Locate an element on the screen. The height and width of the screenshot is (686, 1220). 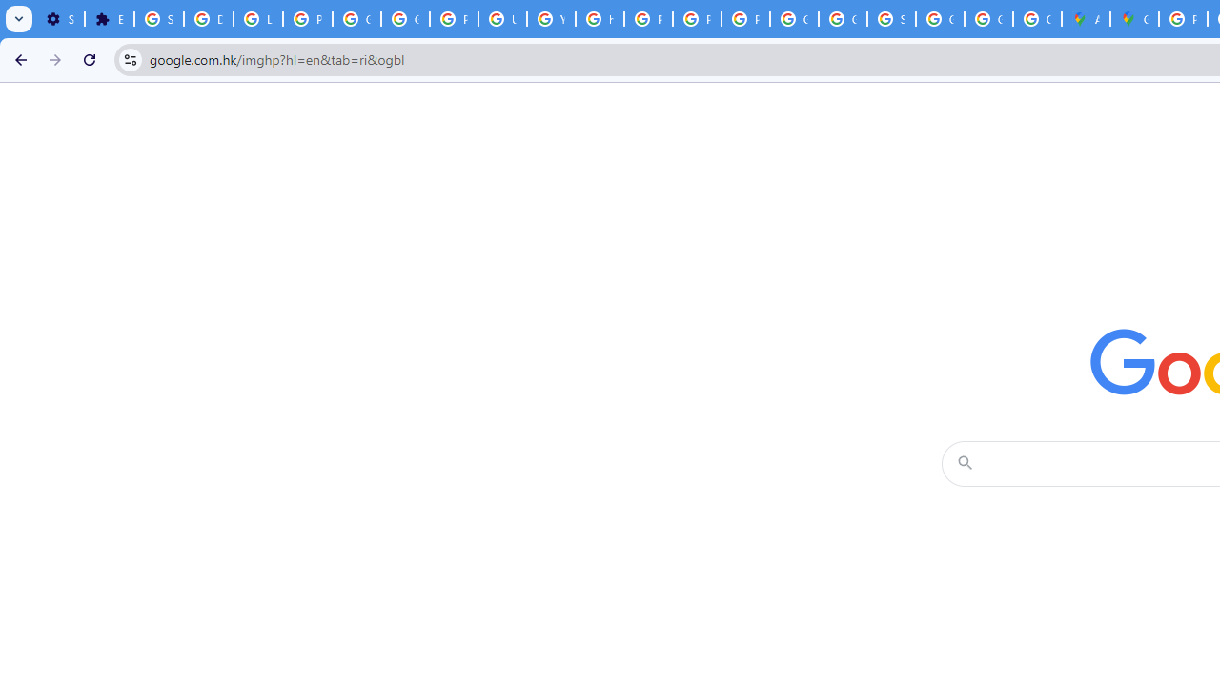
'Google Account Help' is located at coordinates (357, 19).